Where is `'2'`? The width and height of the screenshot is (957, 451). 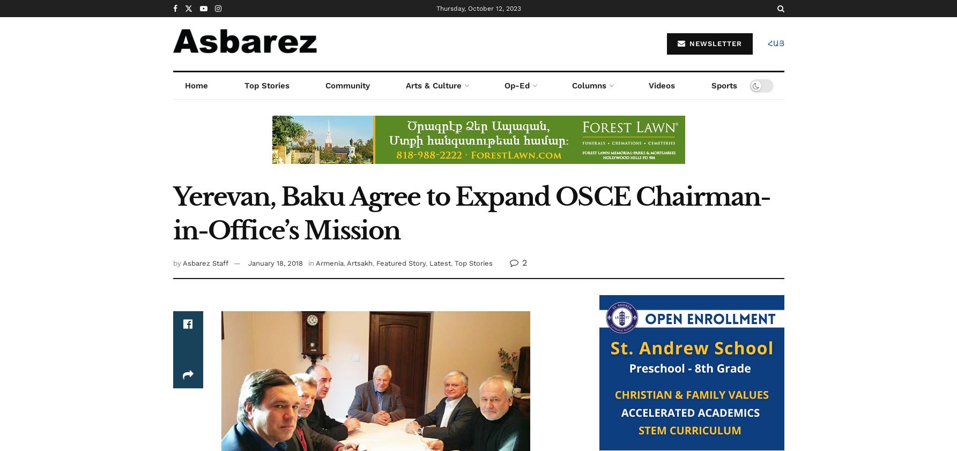
'2' is located at coordinates (518, 262).